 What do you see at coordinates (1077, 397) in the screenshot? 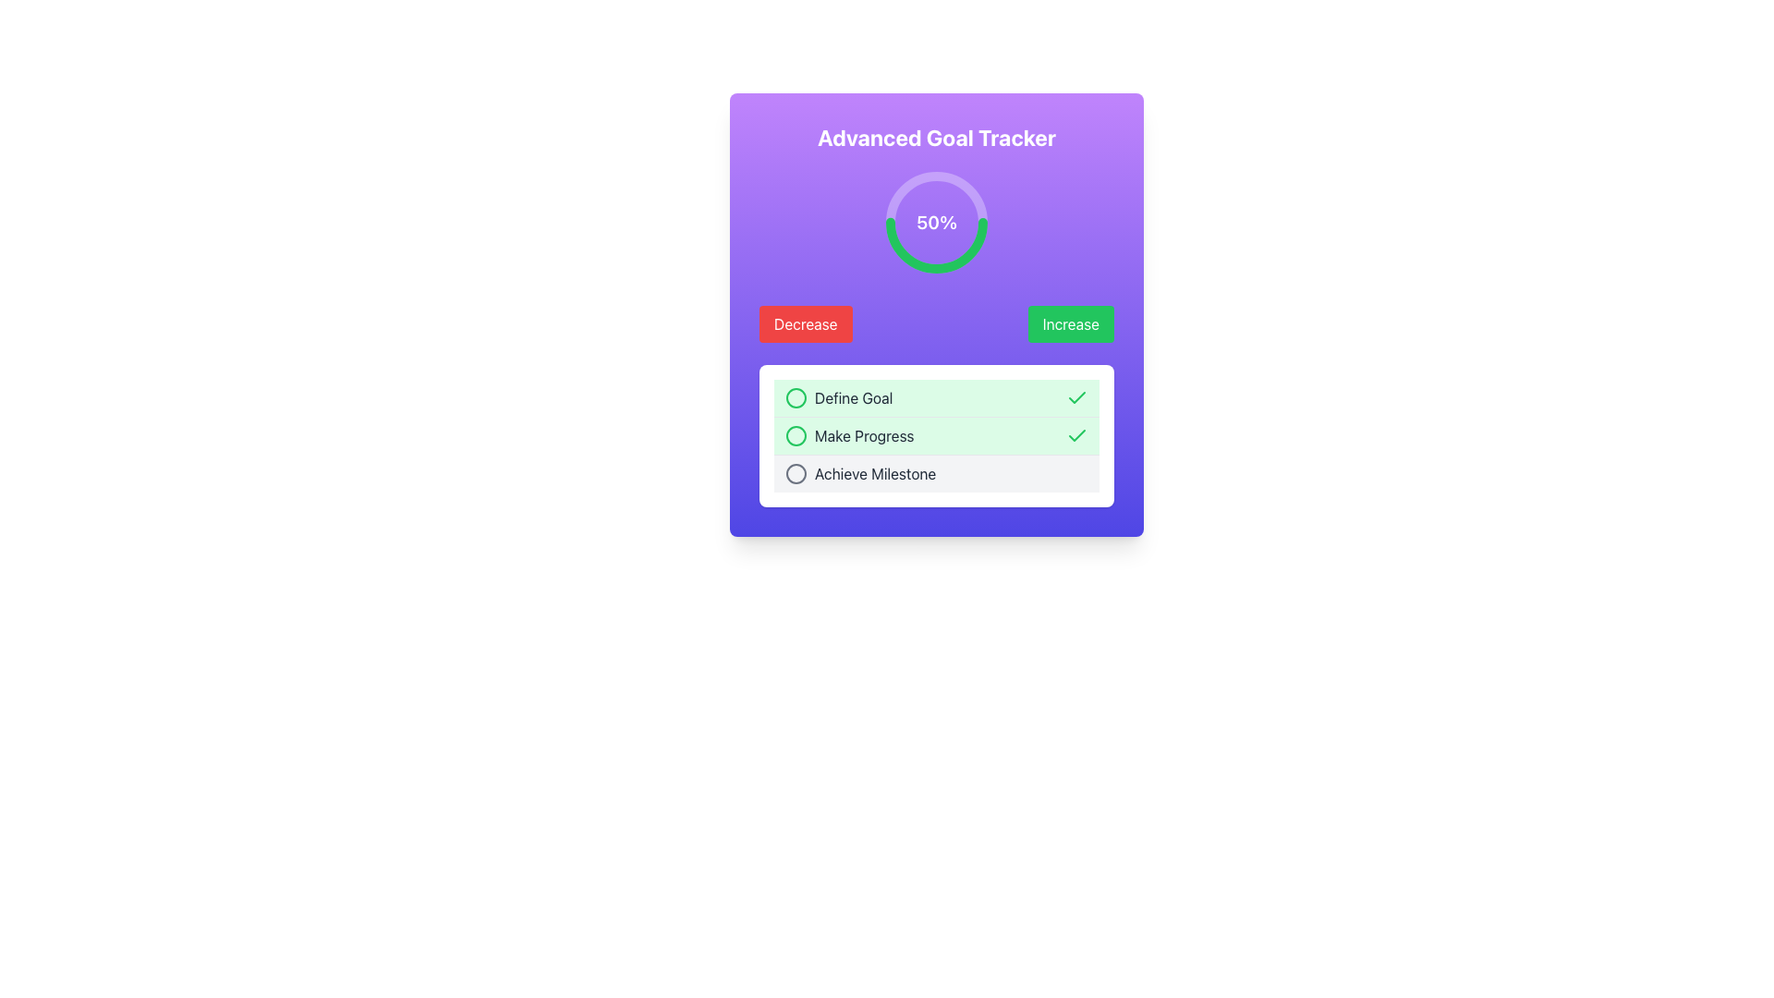
I see `the checkmark icon indicating the completion of the 'Define Goal' task, located in the green-highlighted row of the vertically-stacked list of goals` at bounding box center [1077, 397].